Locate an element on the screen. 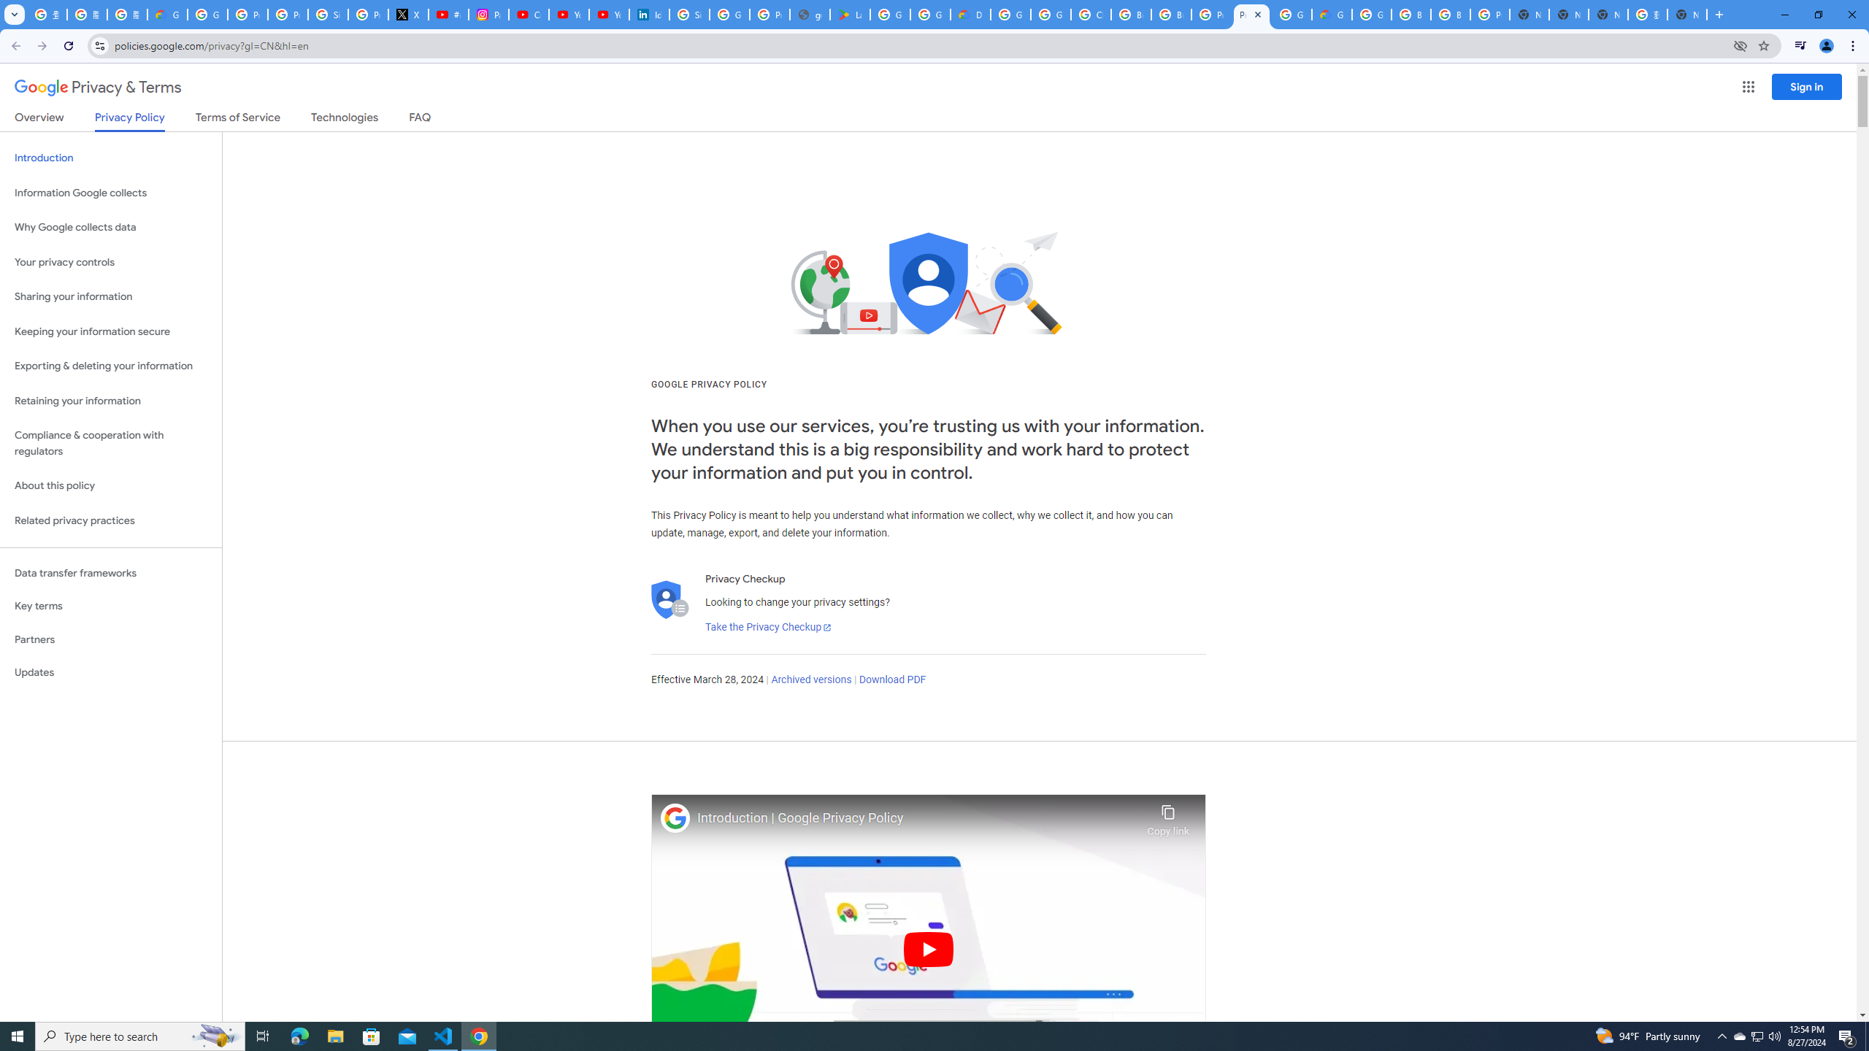 The height and width of the screenshot is (1051, 1869). 'Partners' is located at coordinates (110, 639).